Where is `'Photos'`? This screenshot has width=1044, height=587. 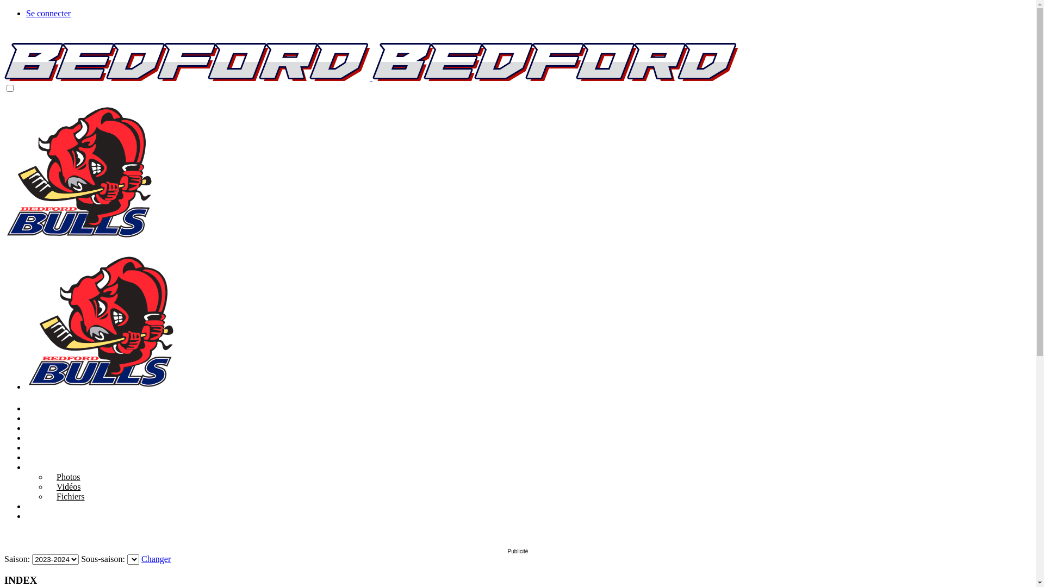
'Photos' is located at coordinates (64, 476).